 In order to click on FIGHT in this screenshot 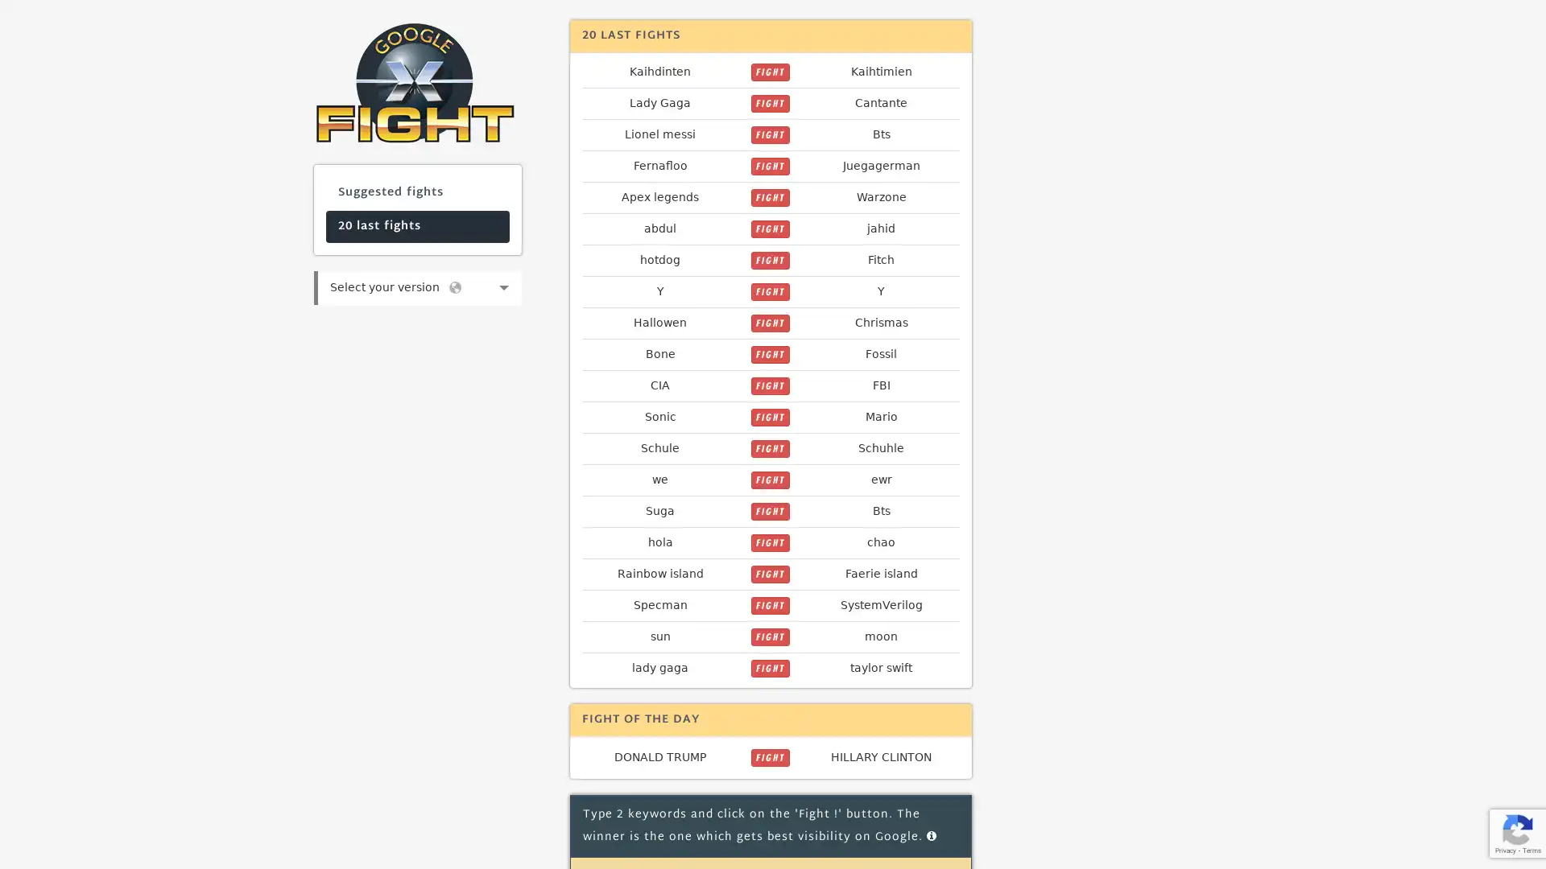, I will do `click(769, 167)`.